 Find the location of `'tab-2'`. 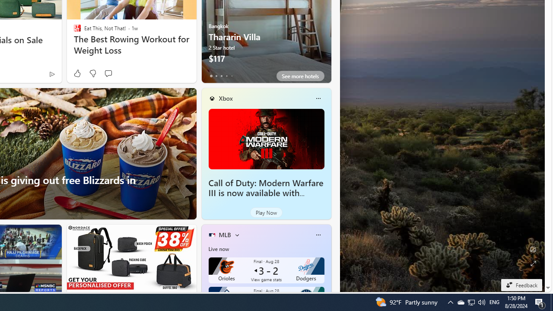

'tab-2' is located at coordinates (221, 76).